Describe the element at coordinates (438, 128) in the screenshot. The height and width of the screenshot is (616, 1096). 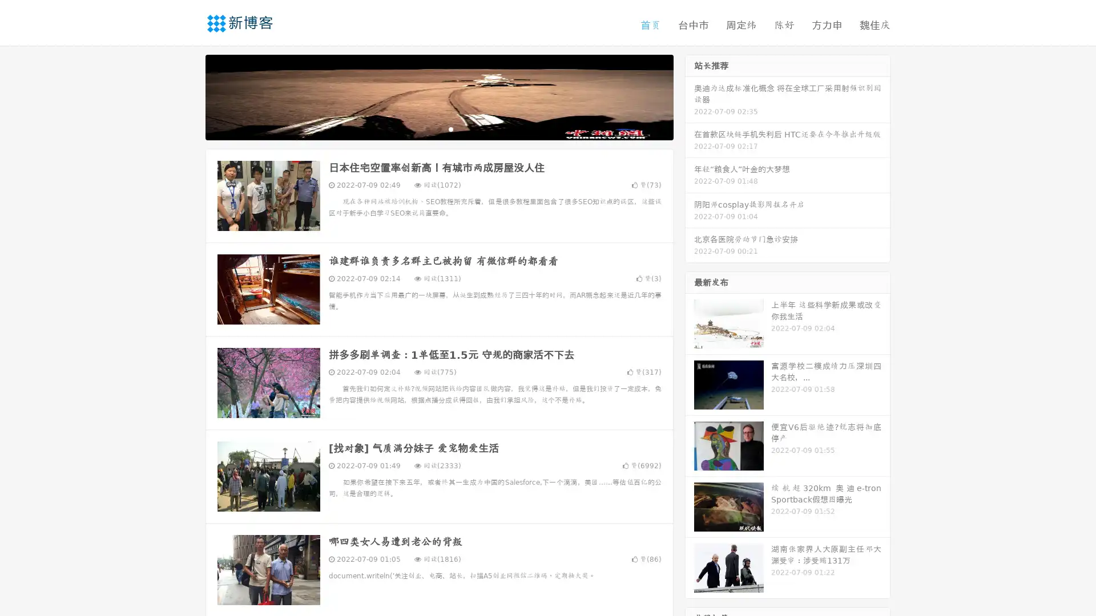
I see `Go to slide 2` at that location.